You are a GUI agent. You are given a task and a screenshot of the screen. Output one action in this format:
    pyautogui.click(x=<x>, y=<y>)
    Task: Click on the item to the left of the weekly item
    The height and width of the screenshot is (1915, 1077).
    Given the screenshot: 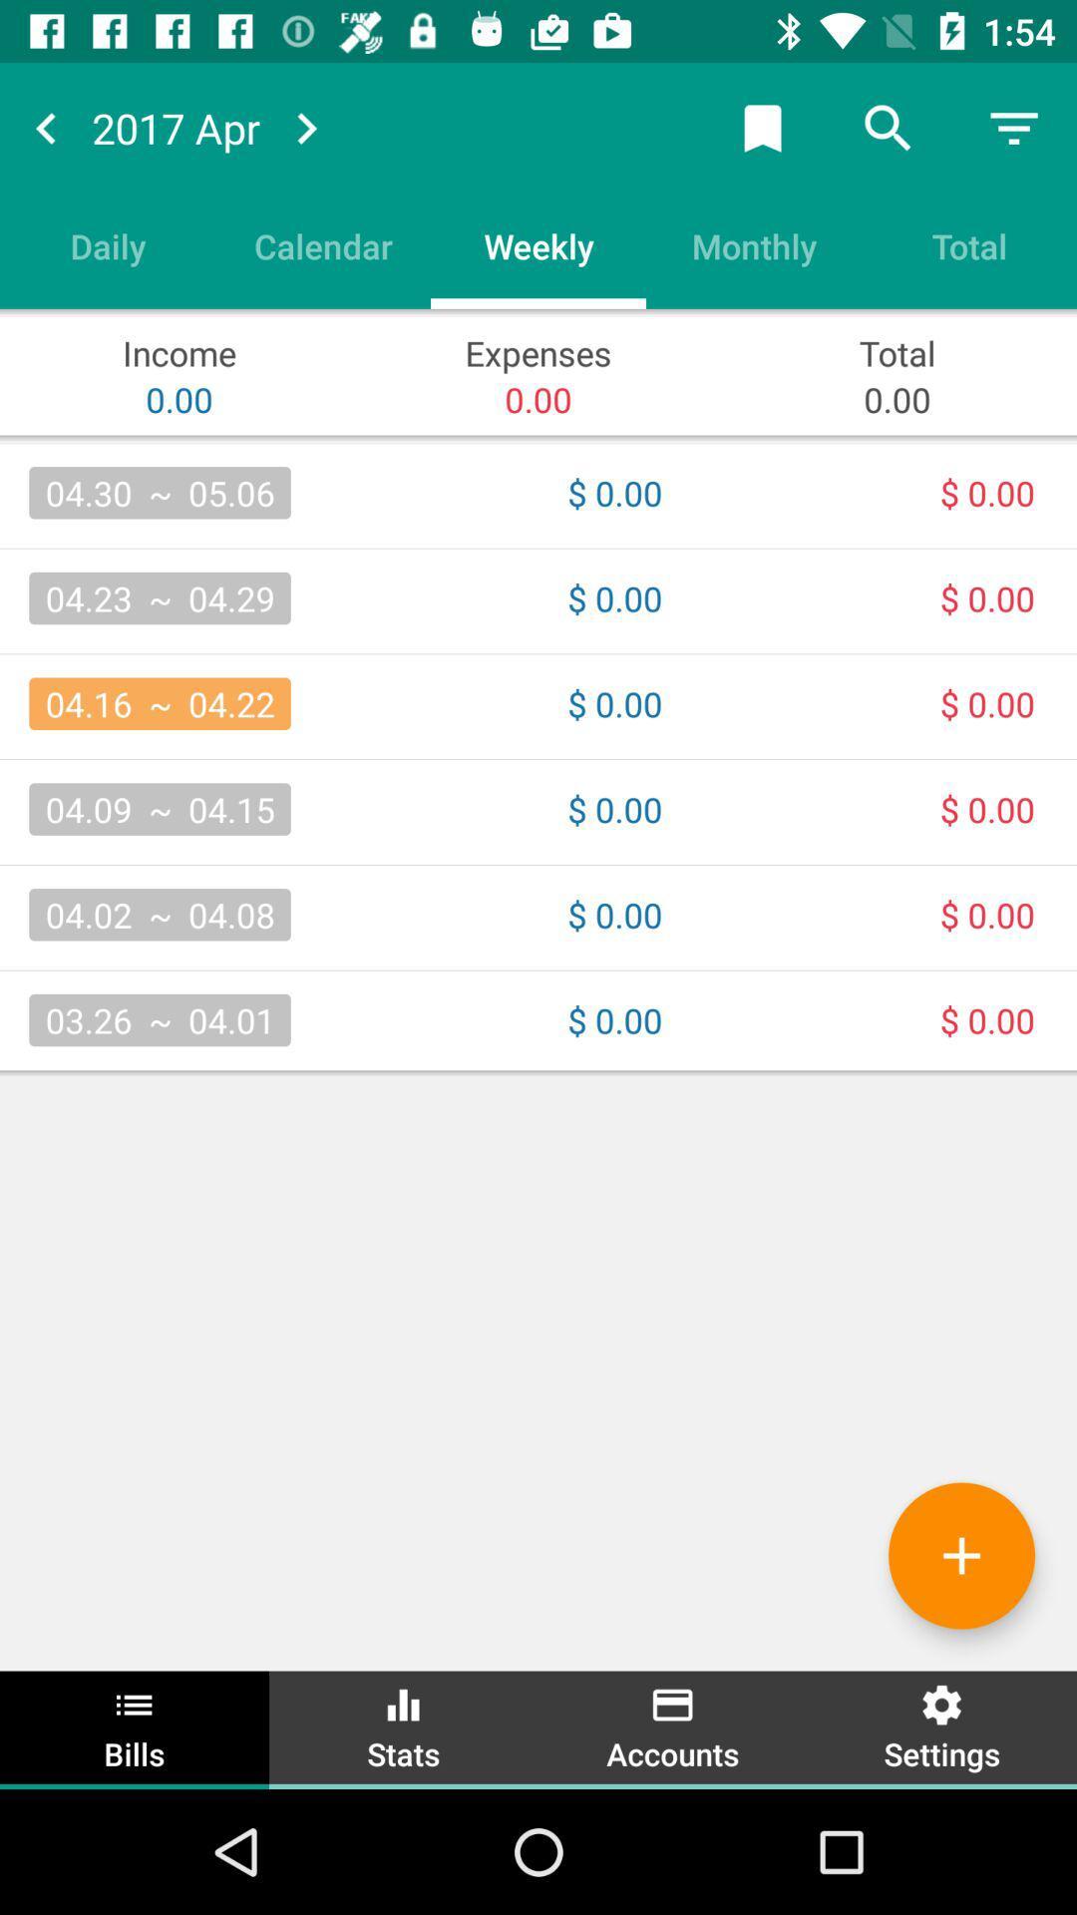 What is the action you would take?
    pyautogui.click(x=322, y=244)
    